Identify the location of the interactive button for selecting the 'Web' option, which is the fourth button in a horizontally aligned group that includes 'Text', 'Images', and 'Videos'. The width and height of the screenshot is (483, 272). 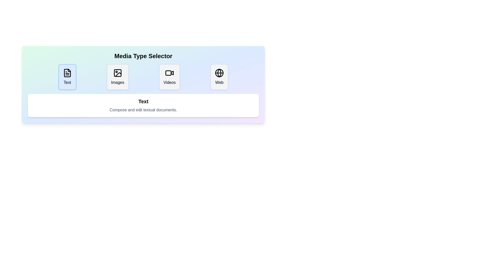
(219, 77).